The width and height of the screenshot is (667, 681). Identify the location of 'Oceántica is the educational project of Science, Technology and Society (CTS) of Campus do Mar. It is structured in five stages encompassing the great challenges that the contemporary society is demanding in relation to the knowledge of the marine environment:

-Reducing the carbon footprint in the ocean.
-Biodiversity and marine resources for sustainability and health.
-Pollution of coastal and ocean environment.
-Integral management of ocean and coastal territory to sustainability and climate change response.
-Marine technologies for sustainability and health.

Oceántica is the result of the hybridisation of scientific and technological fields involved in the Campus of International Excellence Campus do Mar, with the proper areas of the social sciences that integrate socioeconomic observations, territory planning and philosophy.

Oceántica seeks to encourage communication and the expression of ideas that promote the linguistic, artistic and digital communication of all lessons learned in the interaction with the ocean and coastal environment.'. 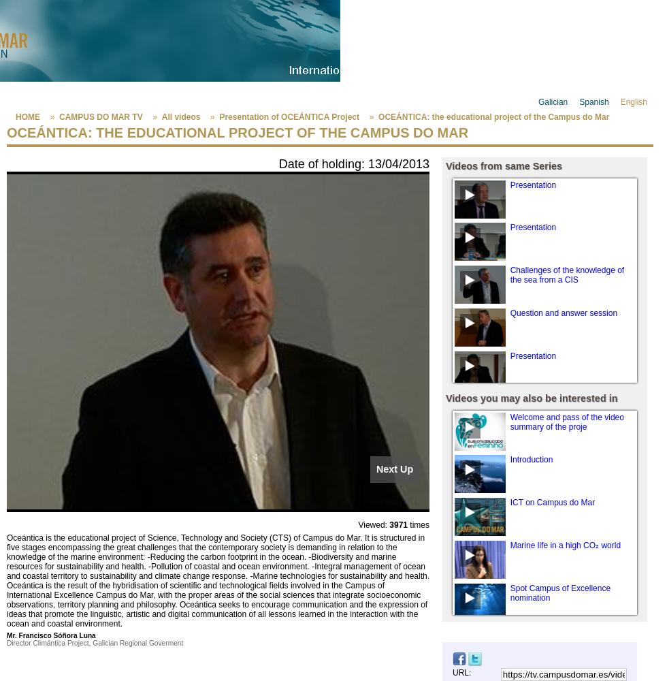
(218, 580).